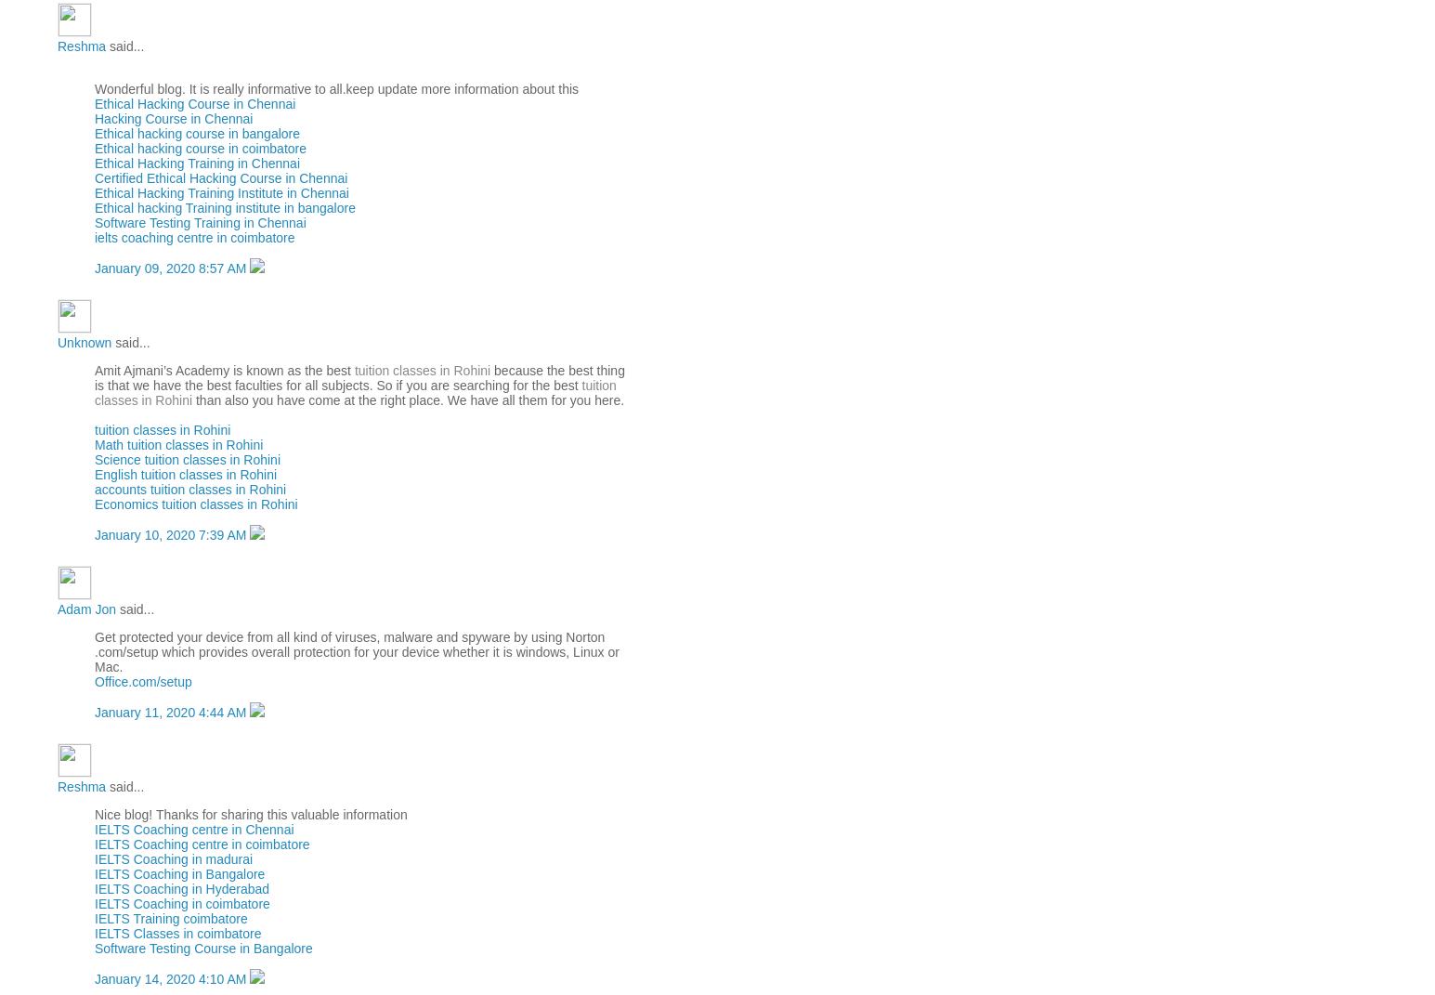 The height and width of the screenshot is (995, 1435). I want to click on 'Hacking Course in Chennai', so click(93, 118).